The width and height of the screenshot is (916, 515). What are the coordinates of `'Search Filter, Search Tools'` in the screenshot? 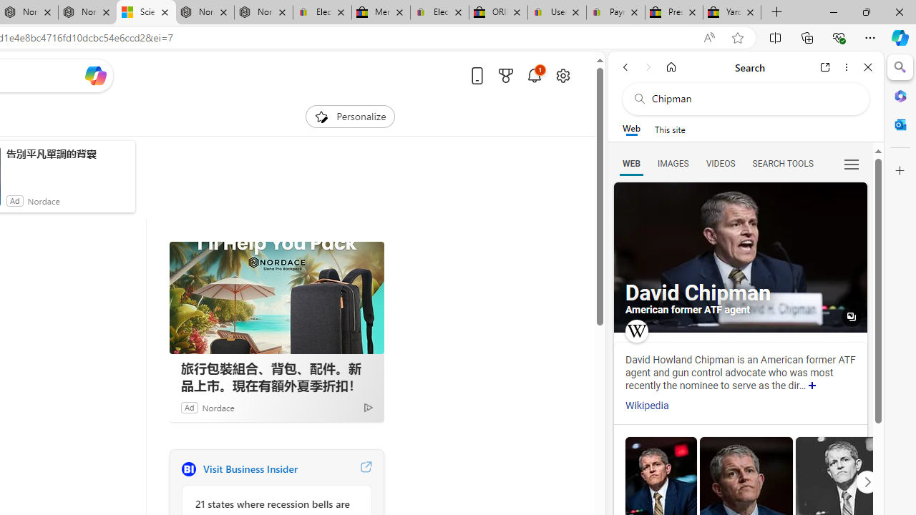 It's located at (781, 162).